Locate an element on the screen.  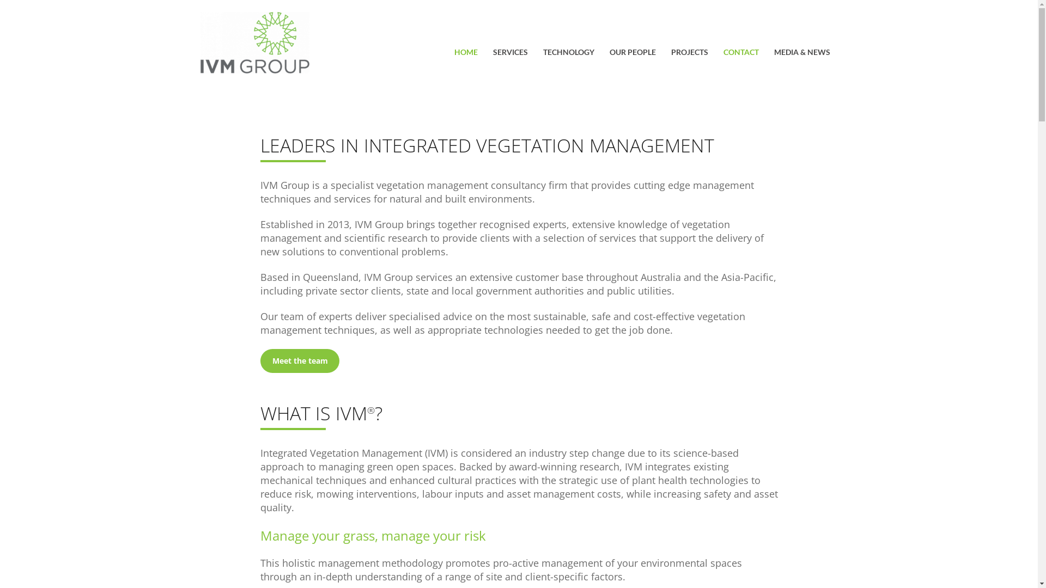
'MEDIA & NEWS' is located at coordinates (801, 53).